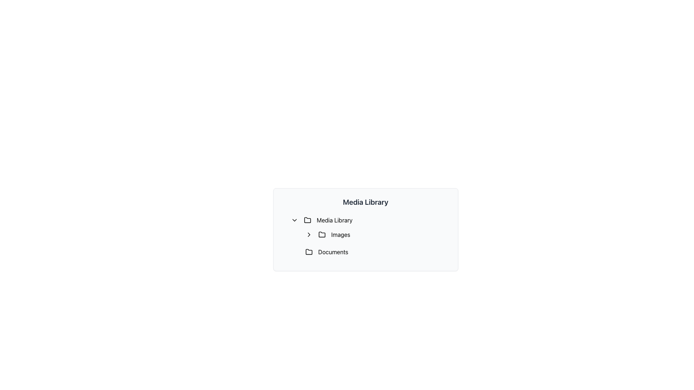 The width and height of the screenshot is (694, 390). Describe the element at coordinates (309, 235) in the screenshot. I see `the chevron icon located to the left of the text 'Images' in the 'Media Library' submenu` at that location.